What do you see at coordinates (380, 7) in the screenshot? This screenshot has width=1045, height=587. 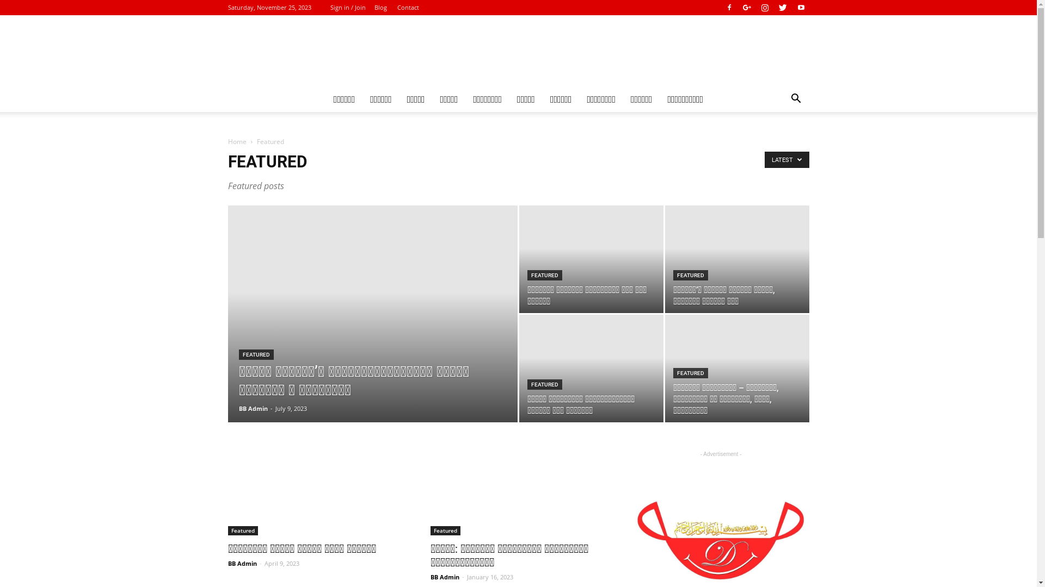 I see `'Blog'` at bounding box center [380, 7].